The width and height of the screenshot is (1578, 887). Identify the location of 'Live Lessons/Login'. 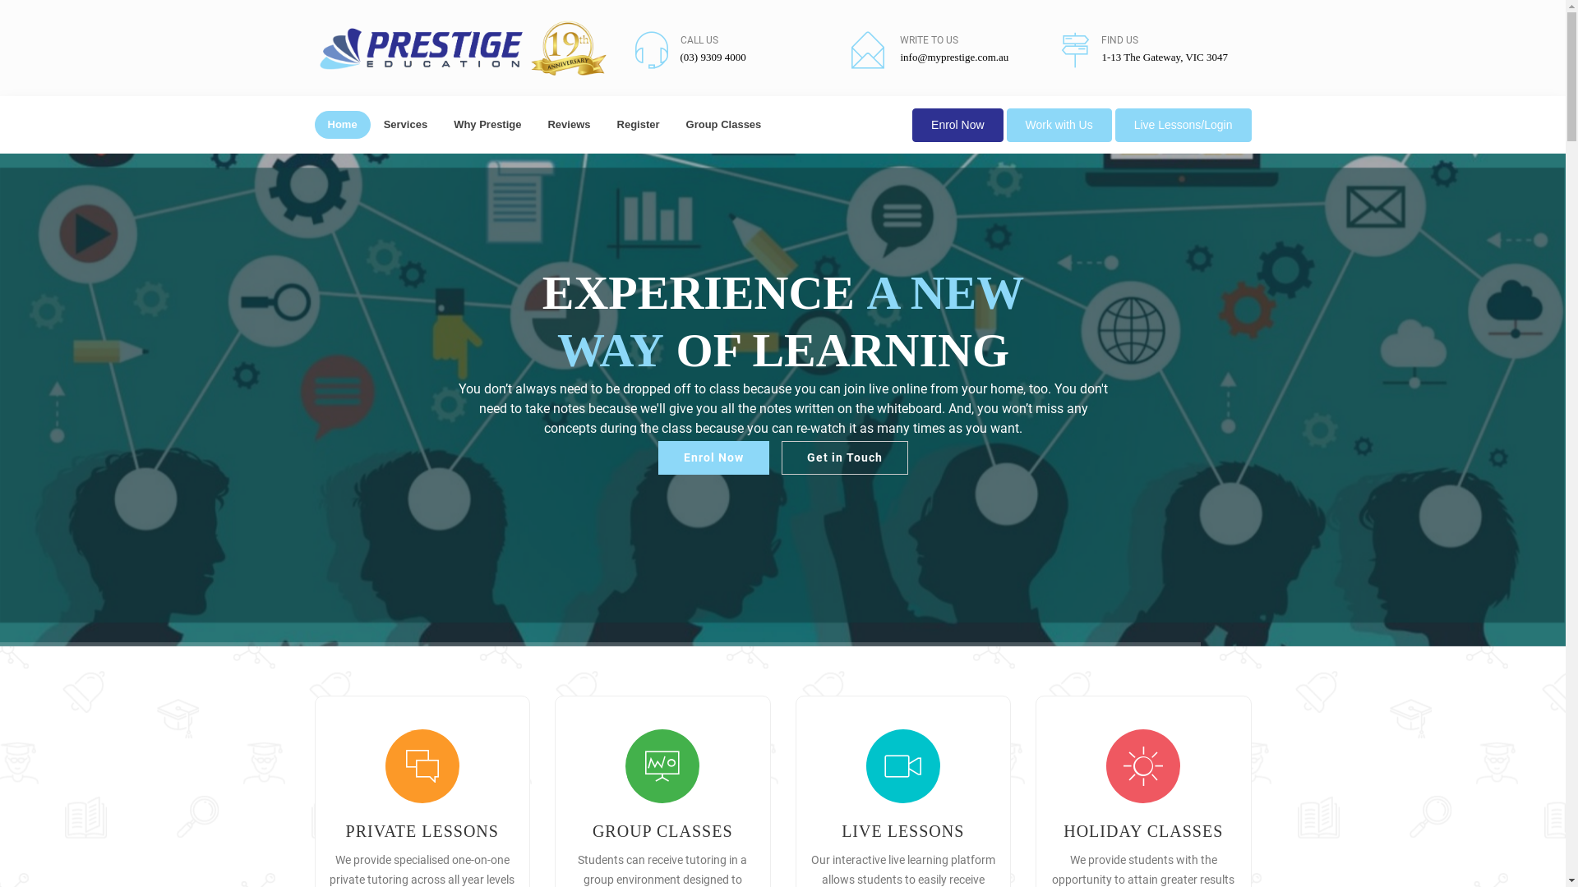
(1183, 124).